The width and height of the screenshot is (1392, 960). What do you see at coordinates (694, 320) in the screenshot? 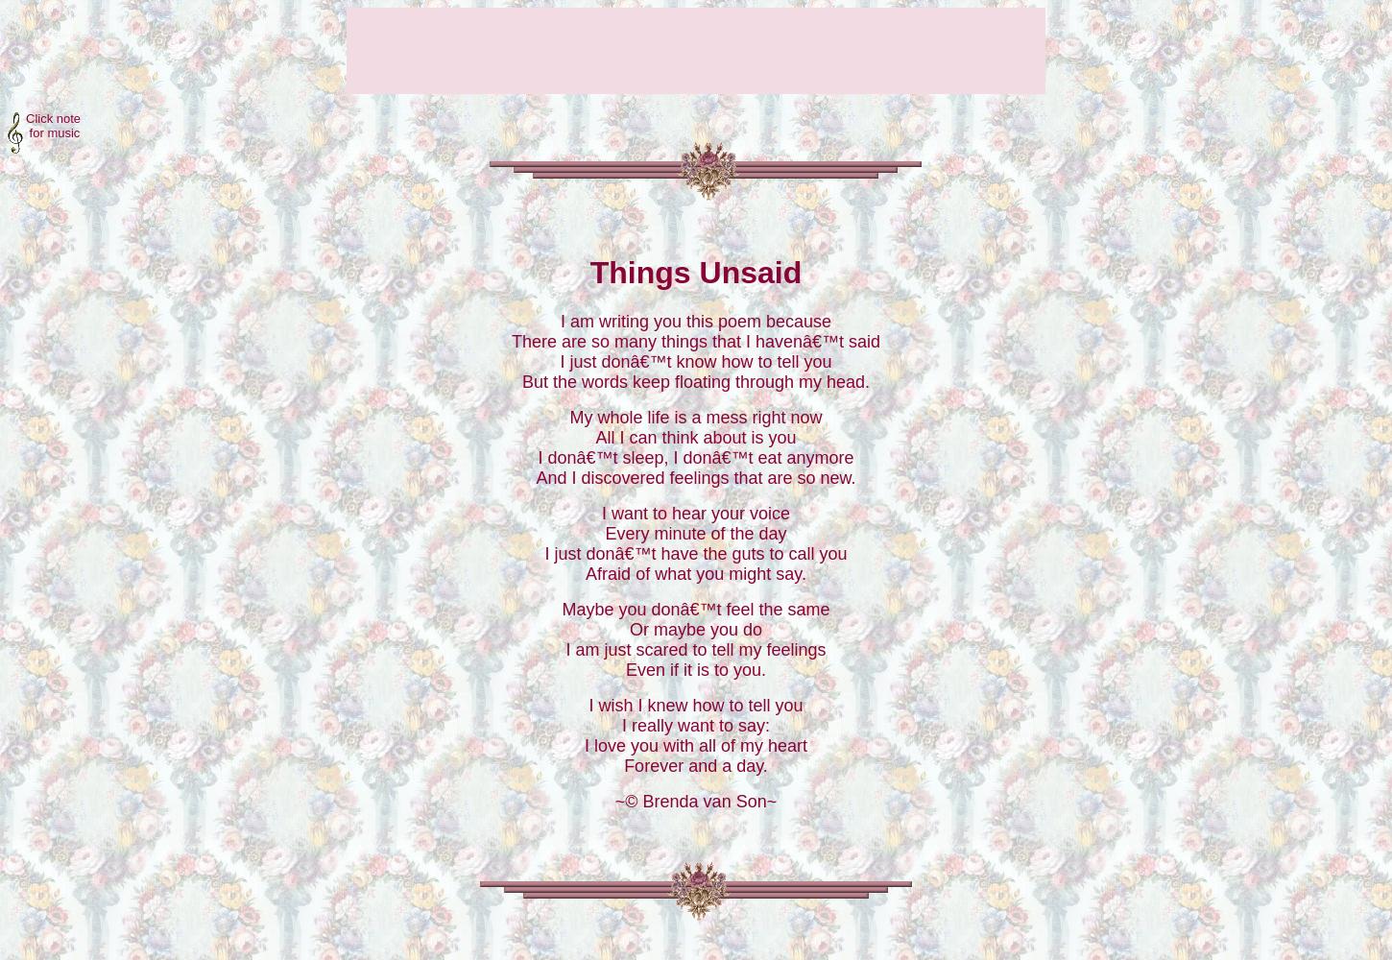
I see `'I am writing you this poem because'` at bounding box center [694, 320].